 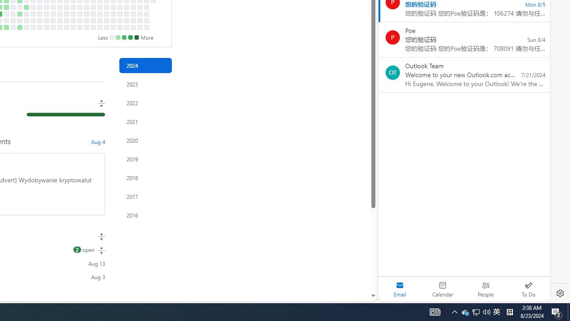 I want to click on 'Aug 4', so click(x=98, y=141).